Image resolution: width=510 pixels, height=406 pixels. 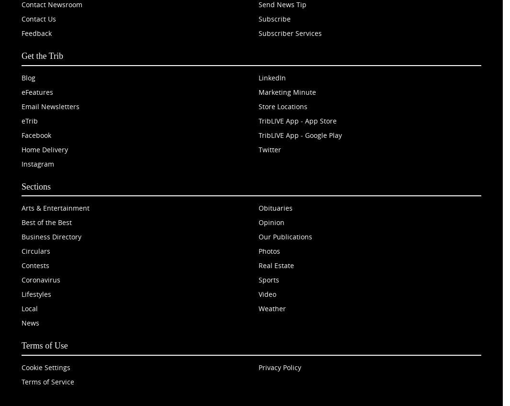 I want to click on 'Obituaries', so click(x=258, y=207).